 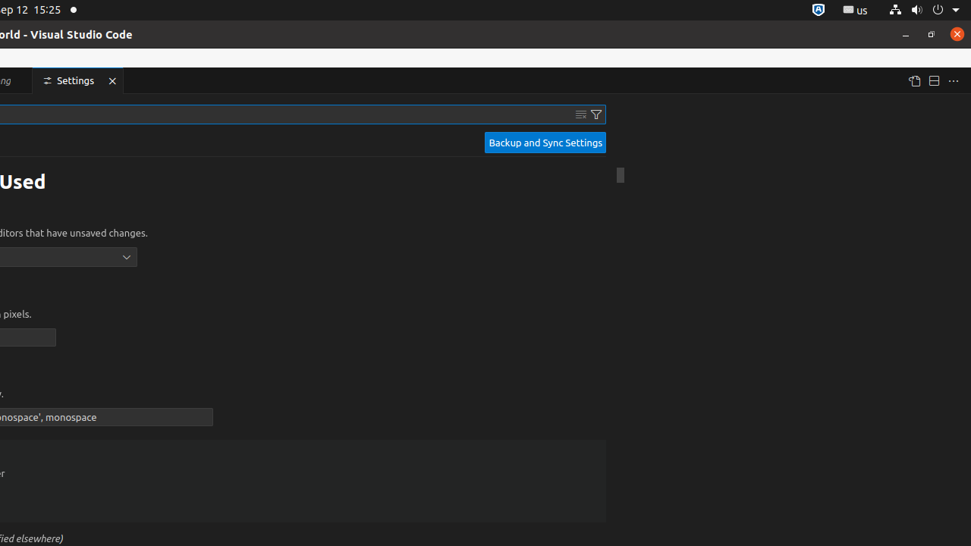 What do you see at coordinates (77, 80) in the screenshot?
I see `'Settings'` at bounding box center [77, 80].